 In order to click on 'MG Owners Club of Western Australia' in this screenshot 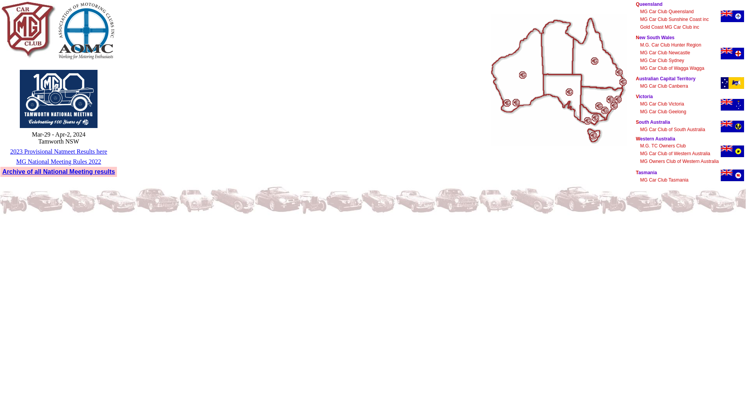, I will do `click(679, 161)`.